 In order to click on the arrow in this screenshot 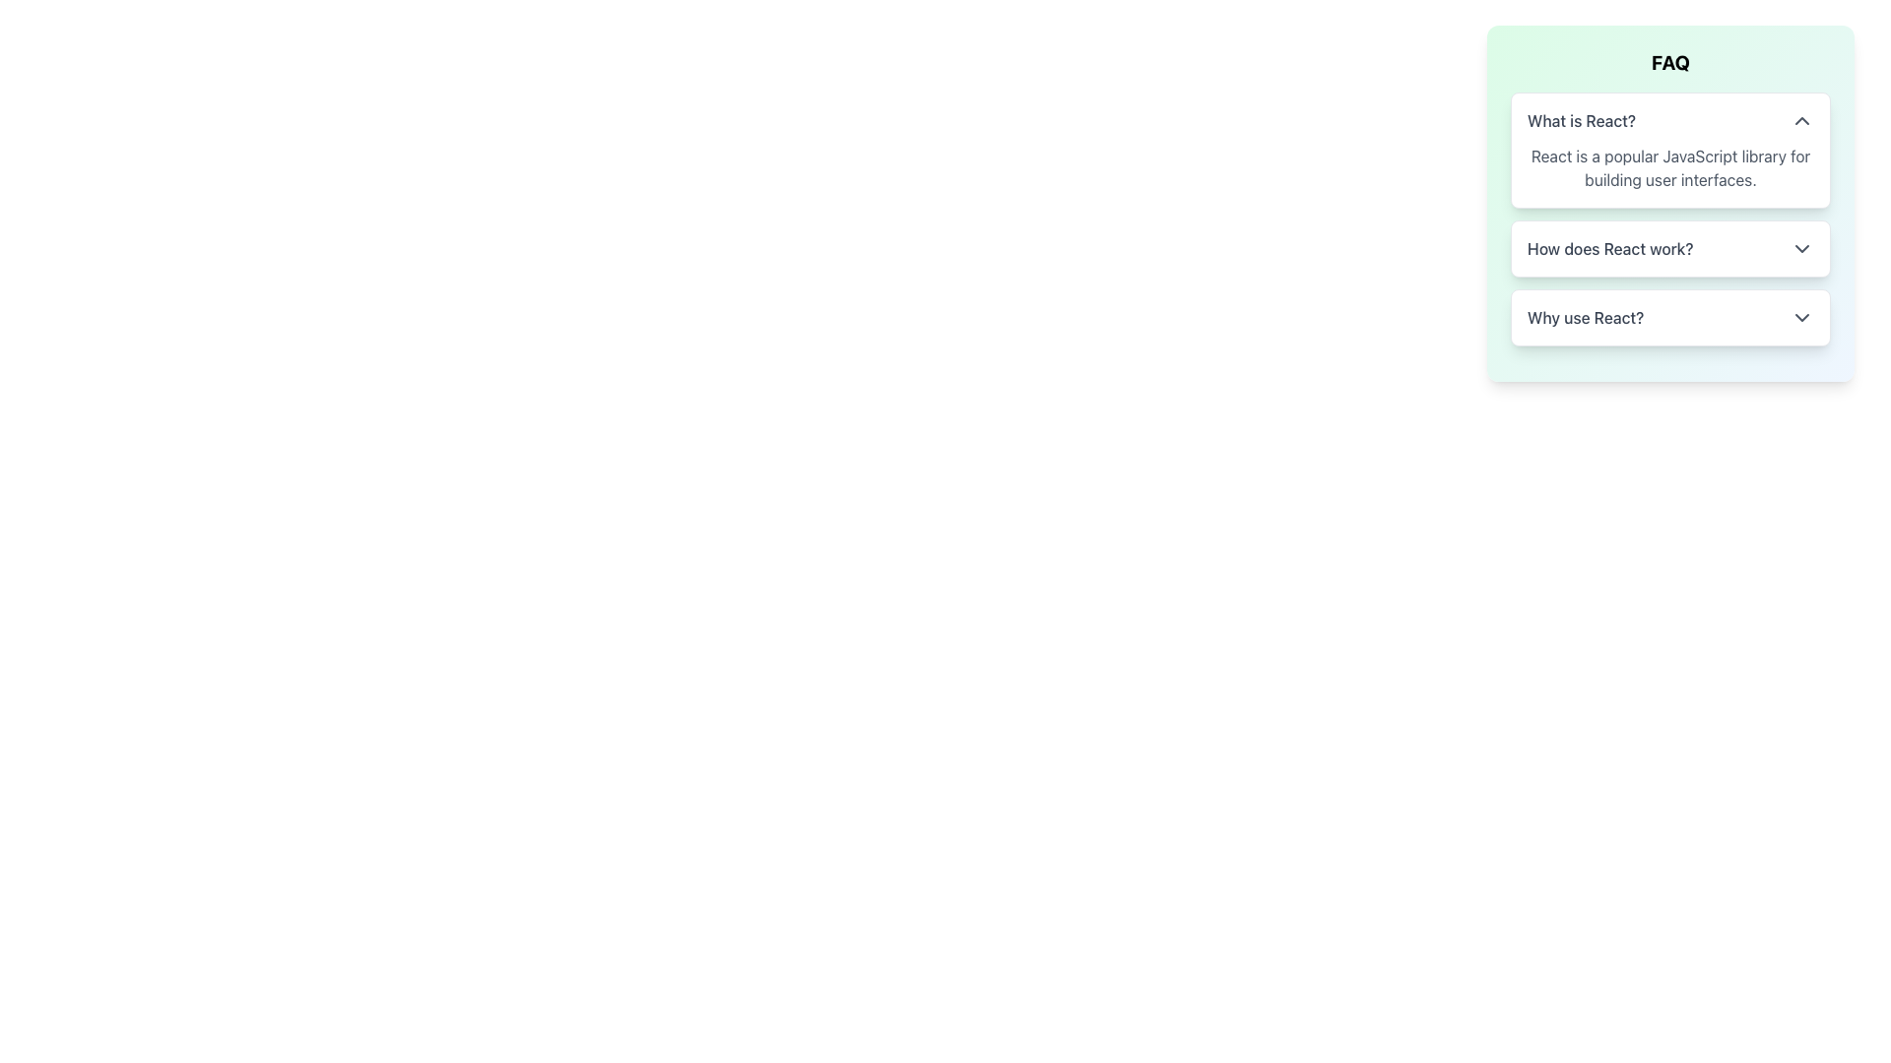, I will do `click(1669, 204)`.